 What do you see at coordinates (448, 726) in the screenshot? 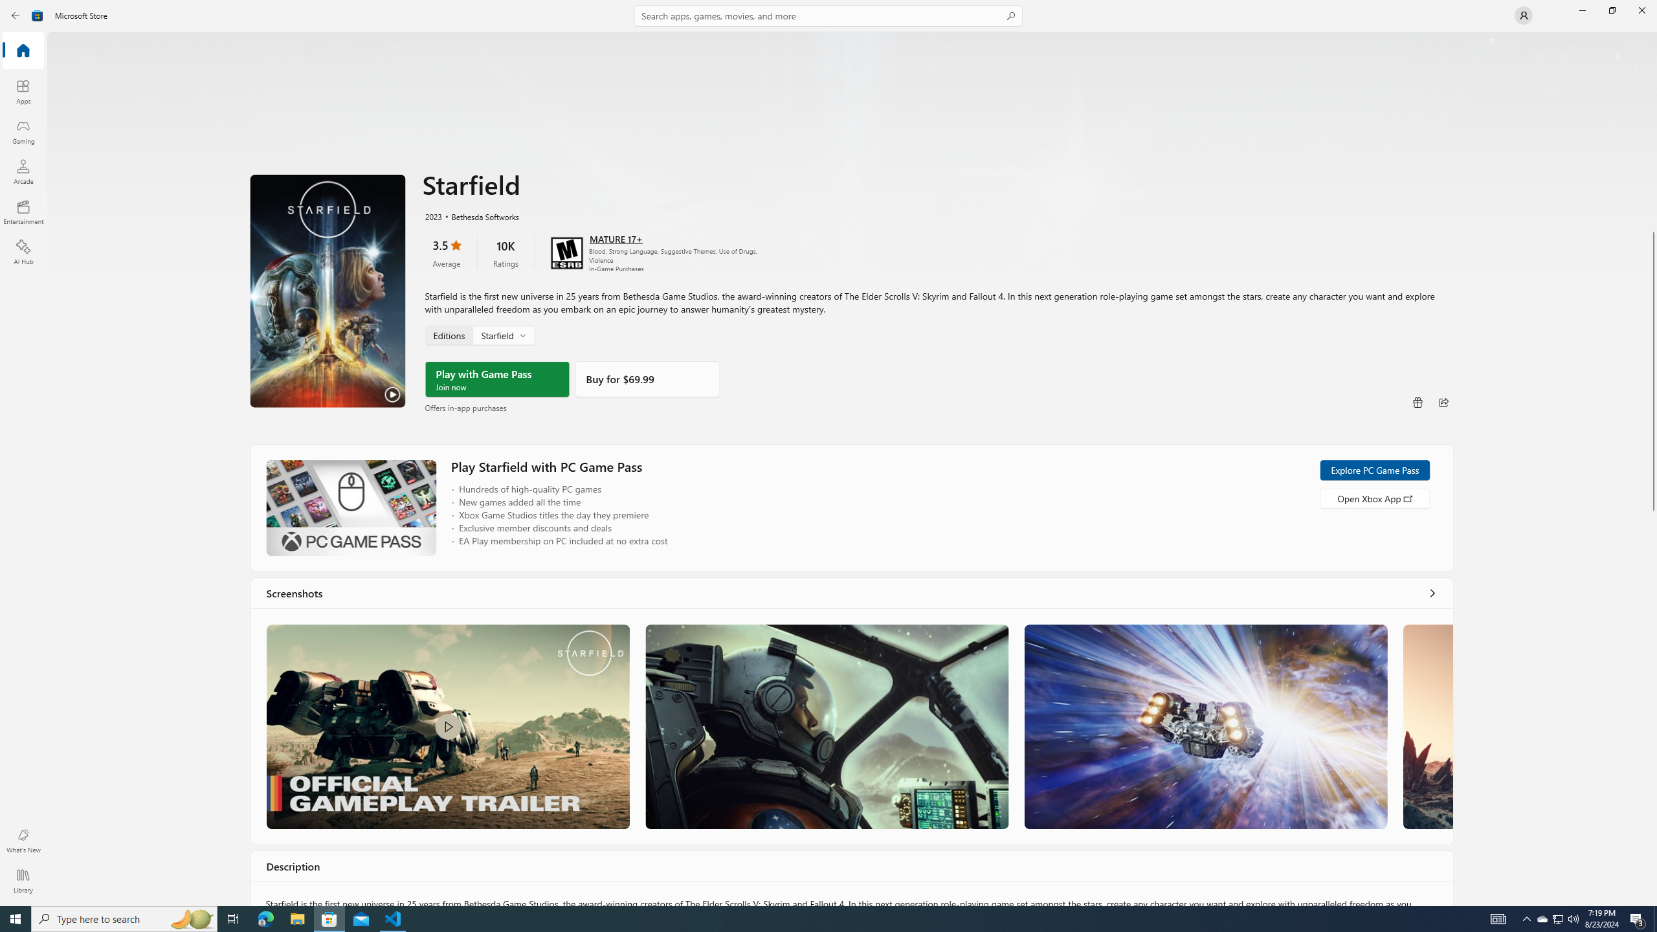
I see `'Gameplay Trailer'` at bounding box center [448, 726].